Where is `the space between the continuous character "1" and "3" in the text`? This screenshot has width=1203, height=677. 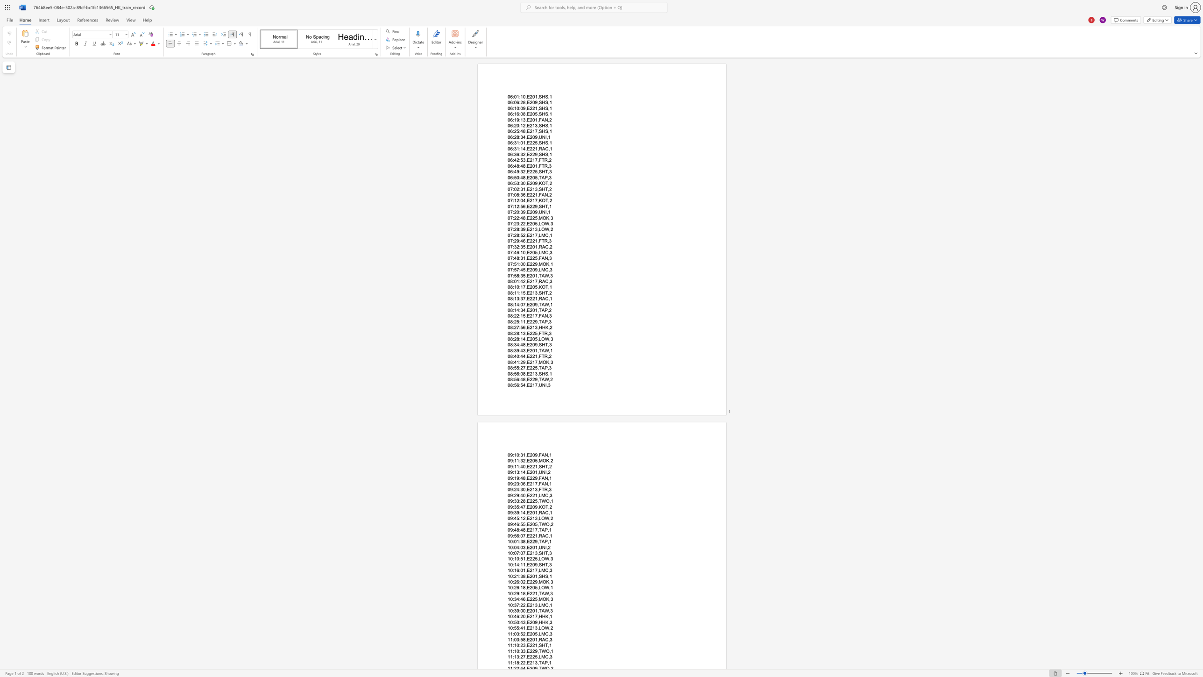 the space between the continuous character "1" and "3" in the text is located at coordinates (523, 333).